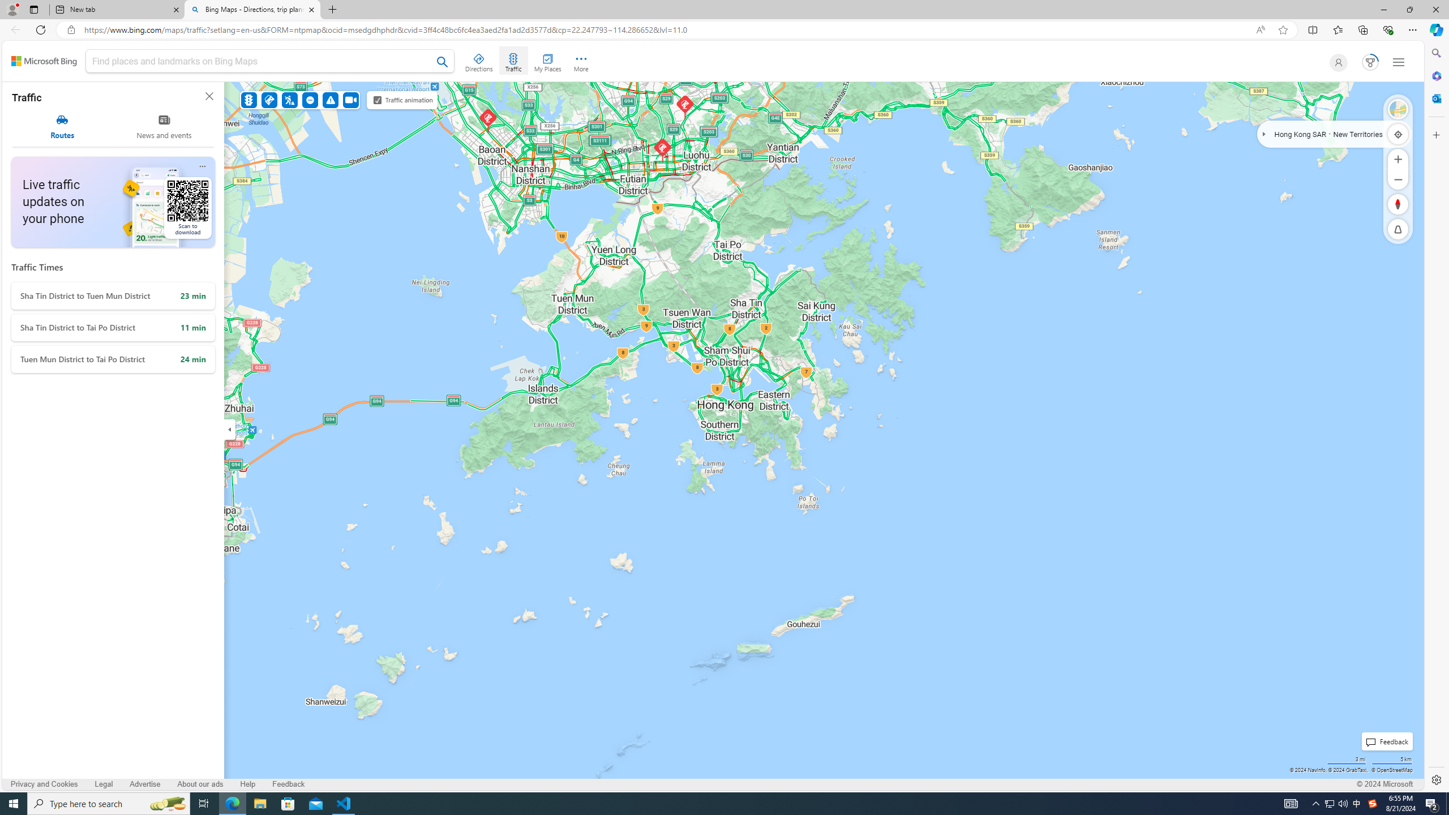  I want to click on 'My Places', so click(547, 61).